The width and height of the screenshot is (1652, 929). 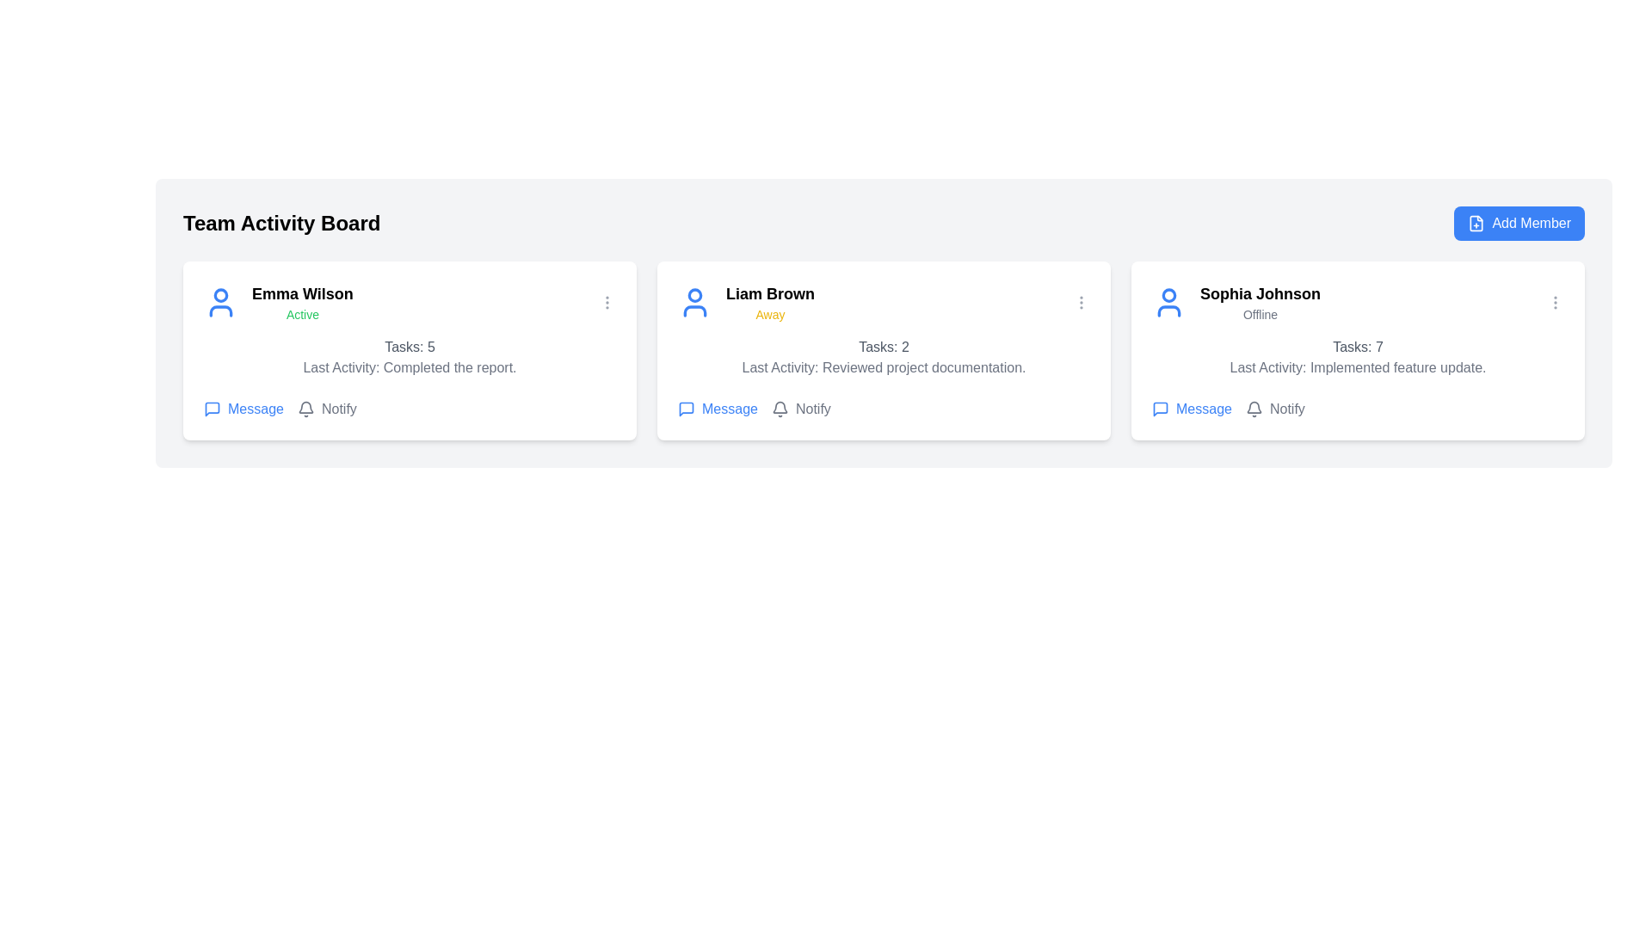 What do you see at coordinates (1260, 293) in the screenshot?
I see `the text label displaying 'Sophia Johnson' which is styled in bold and located at the top of the third card from the left` at bounding box center [1260, 293].